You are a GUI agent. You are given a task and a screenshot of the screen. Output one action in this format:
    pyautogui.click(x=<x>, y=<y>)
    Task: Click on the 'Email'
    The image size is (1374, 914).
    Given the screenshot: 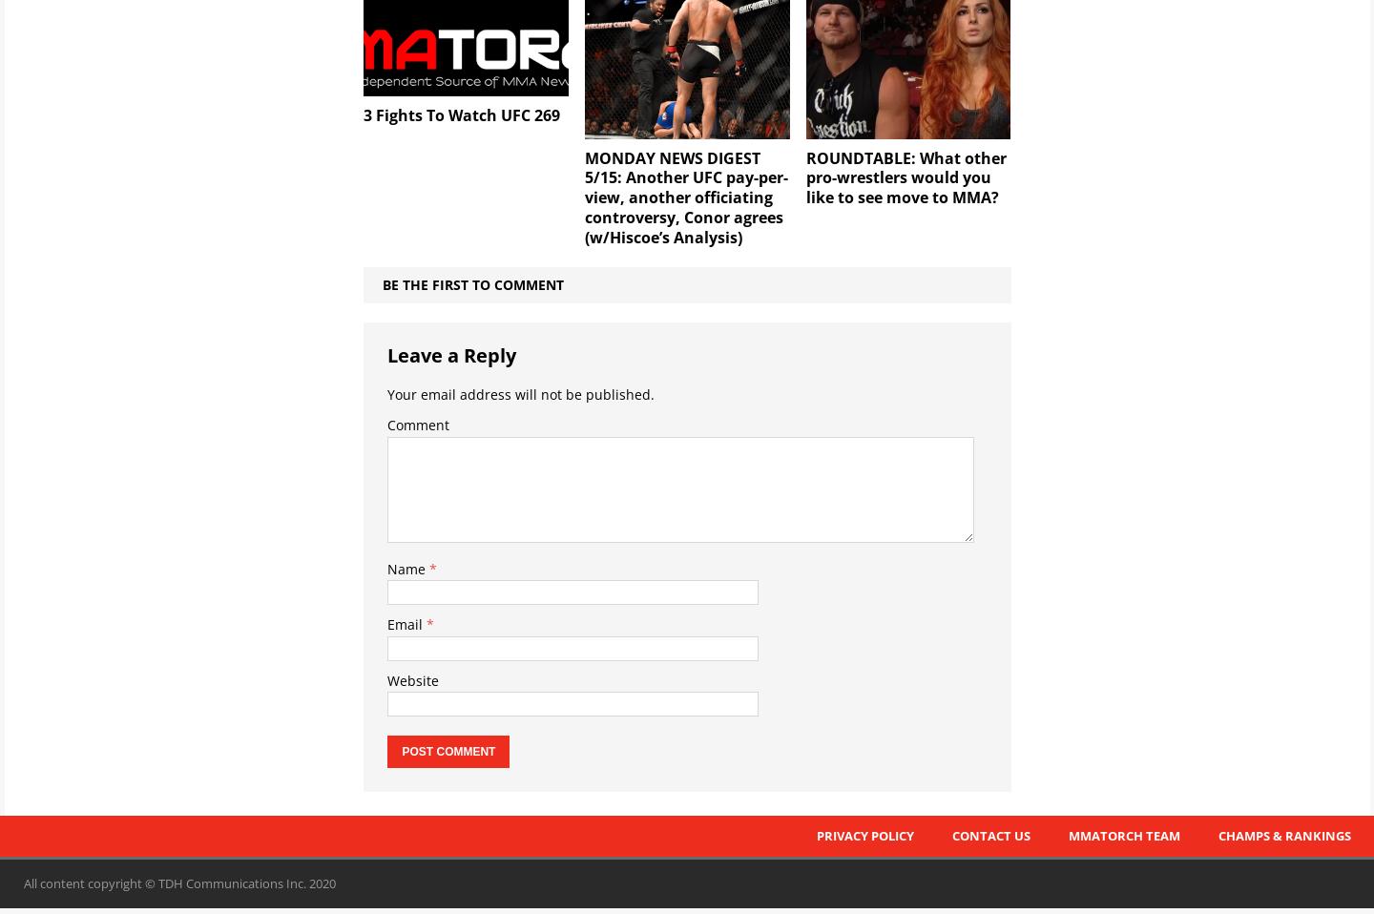 What is the action you would take?
    pyautogui.click(x=406, y=623)
    